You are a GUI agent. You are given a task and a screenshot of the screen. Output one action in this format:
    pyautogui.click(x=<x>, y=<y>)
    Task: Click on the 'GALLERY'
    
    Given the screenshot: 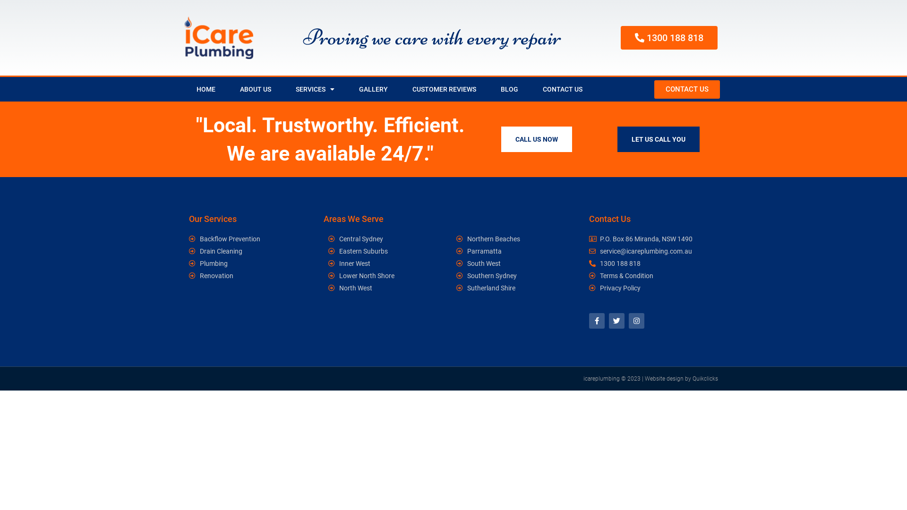 What is the action you would take?
    pyautogui.click(x=346, y=89)
    